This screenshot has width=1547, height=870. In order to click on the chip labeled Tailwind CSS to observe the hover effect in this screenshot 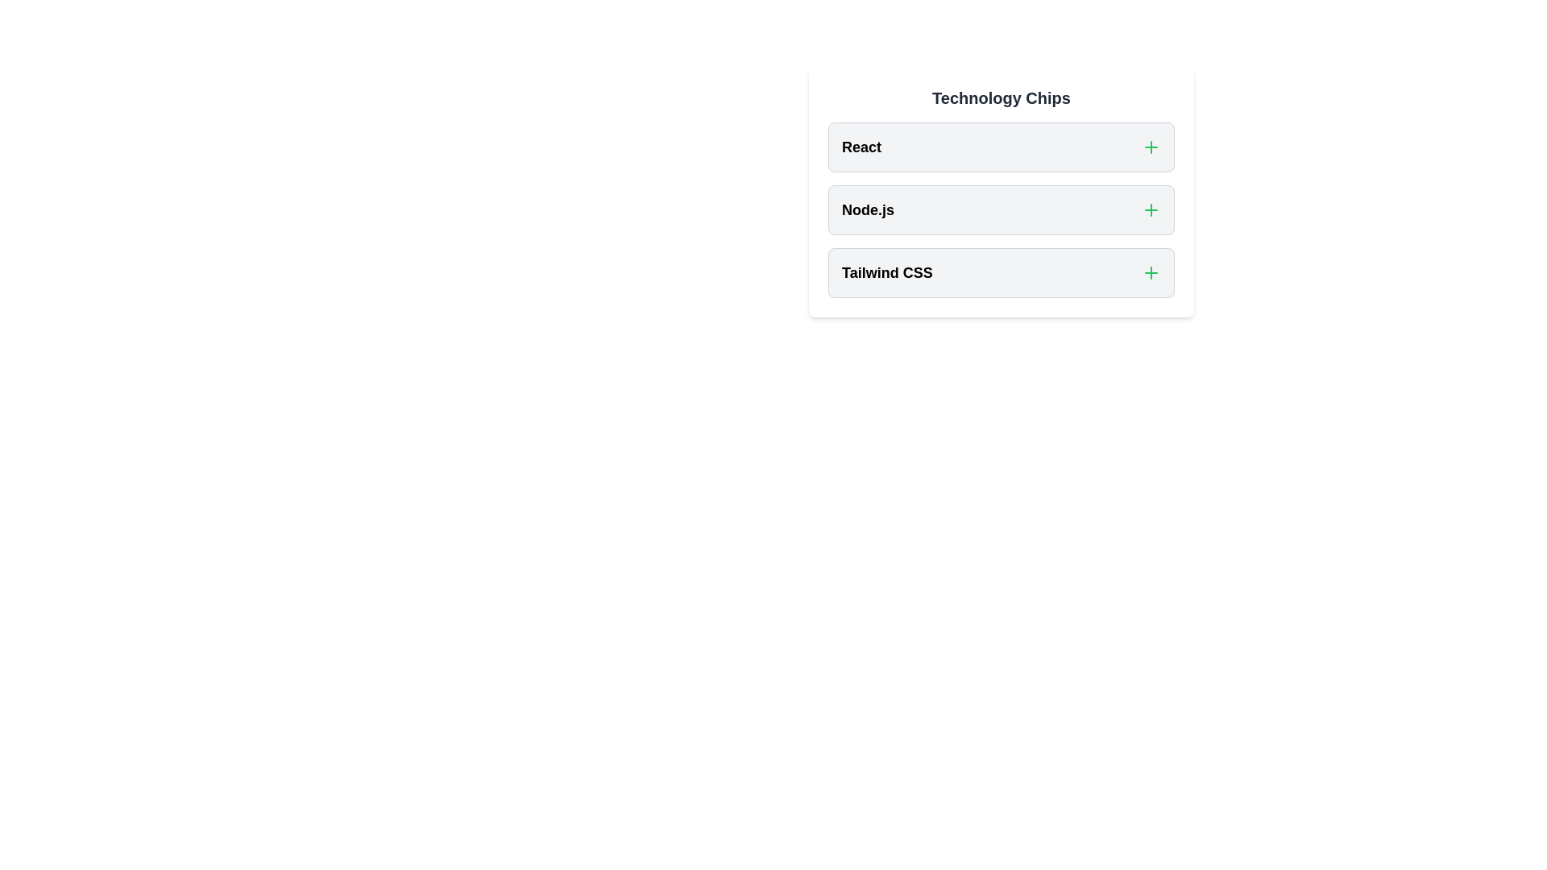, I will do `click(1001, 272)`.